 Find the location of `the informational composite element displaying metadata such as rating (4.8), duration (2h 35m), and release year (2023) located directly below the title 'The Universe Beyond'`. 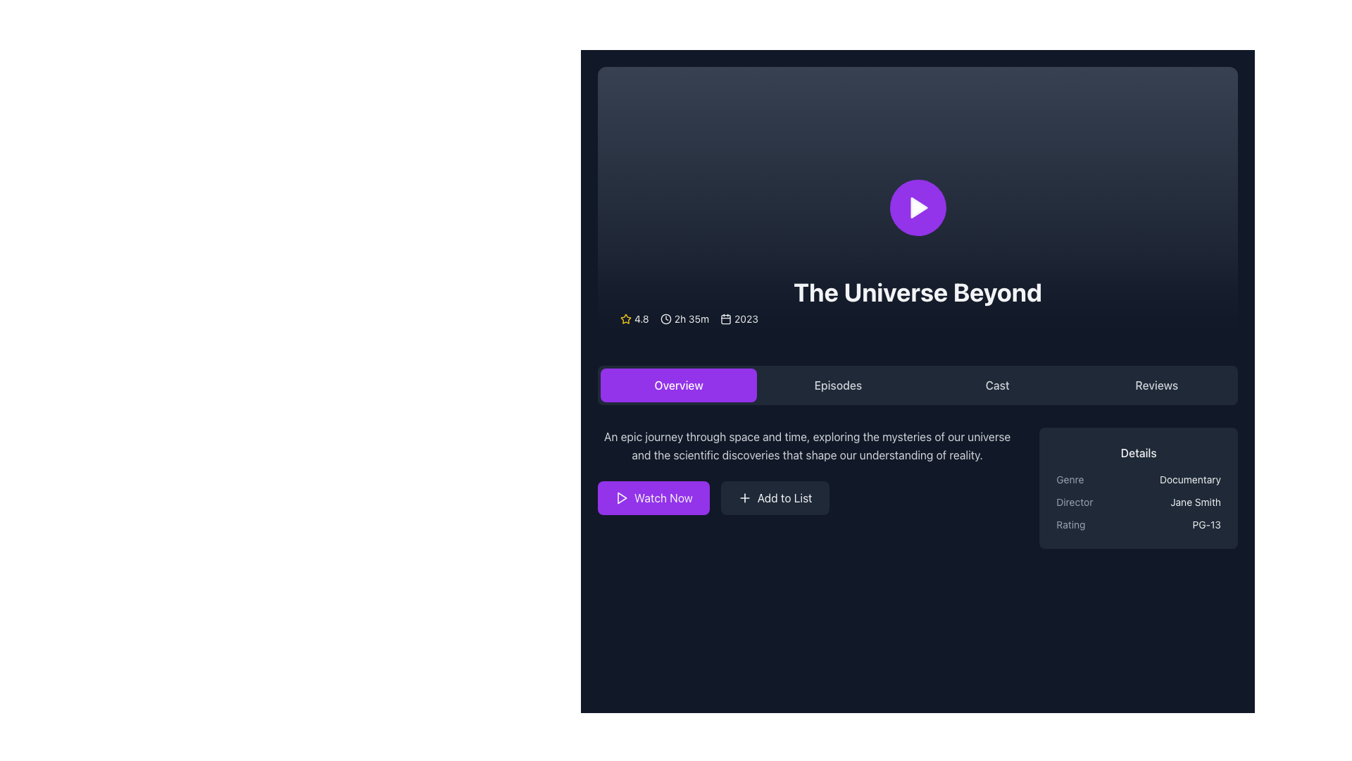

the informational composite element displaying metadata such as rating (4.8), duration (2h 35m), and release year (2023) located directly below the title 'The Universe Beyond' is located at coordinates (918, 318).